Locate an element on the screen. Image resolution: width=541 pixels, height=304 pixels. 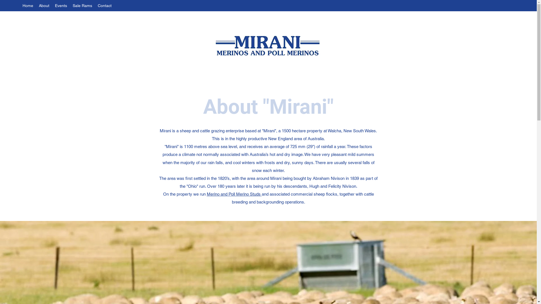
'Merino and Poll Merino Studs' is located at coordinates (234, 194).